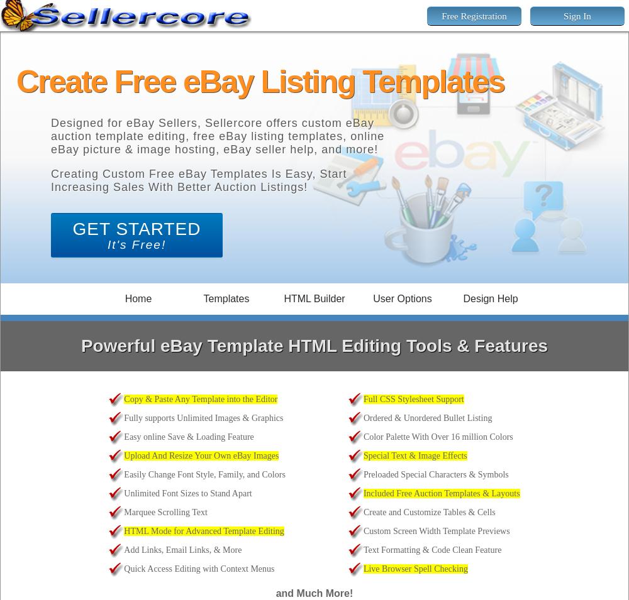 The image size is (629, 600). I want to click on 'Included Free Auction Templates & Layouts', so click(440, 493).